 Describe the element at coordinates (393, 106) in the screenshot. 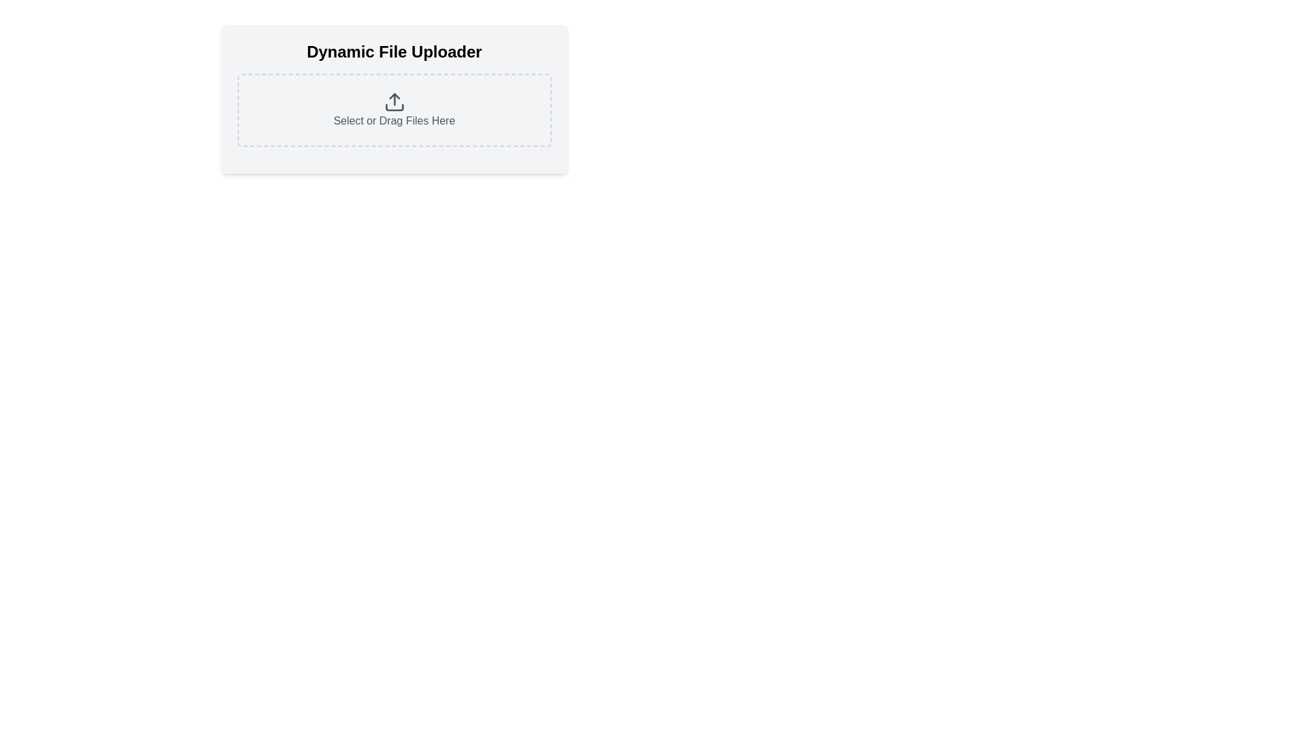

I see `the bottom part of the upload symbol in the SVG icon, which resembles a horizontally elongated rectangular shape with curved ends, indicating the base of the upload arrow` at that location.